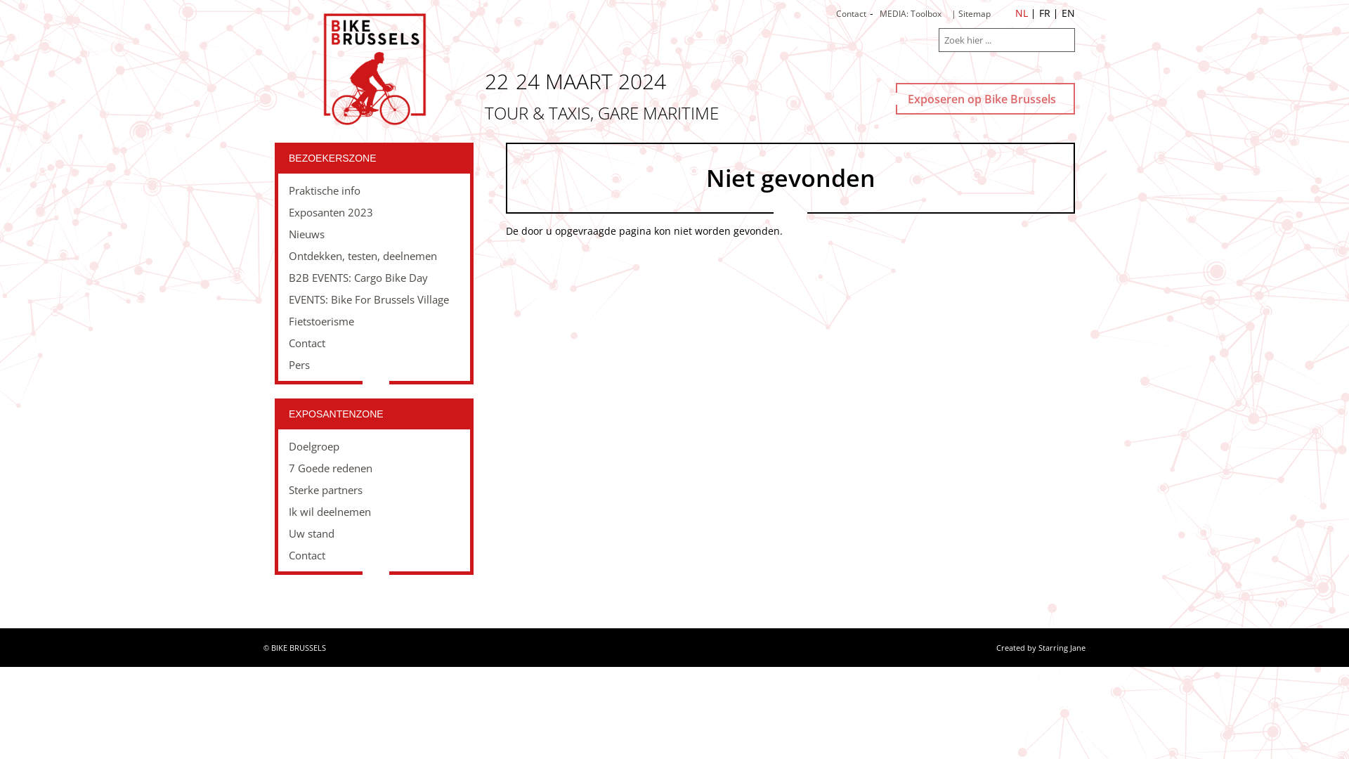  What do you see at coordinates (875, 13) in the screenshot?
I see `'MEDIA: Toolbox'` at bounding box center [875, 13].